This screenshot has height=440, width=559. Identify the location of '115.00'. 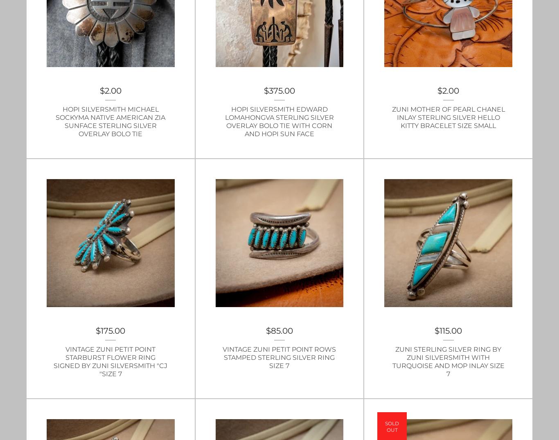
(450, 330).